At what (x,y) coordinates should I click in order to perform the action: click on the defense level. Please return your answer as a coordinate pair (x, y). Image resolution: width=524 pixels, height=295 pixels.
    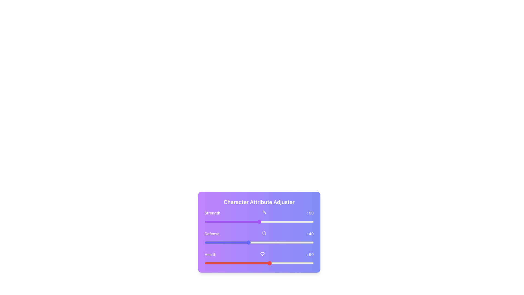
    Looking at the image, I should click on (228, 242).